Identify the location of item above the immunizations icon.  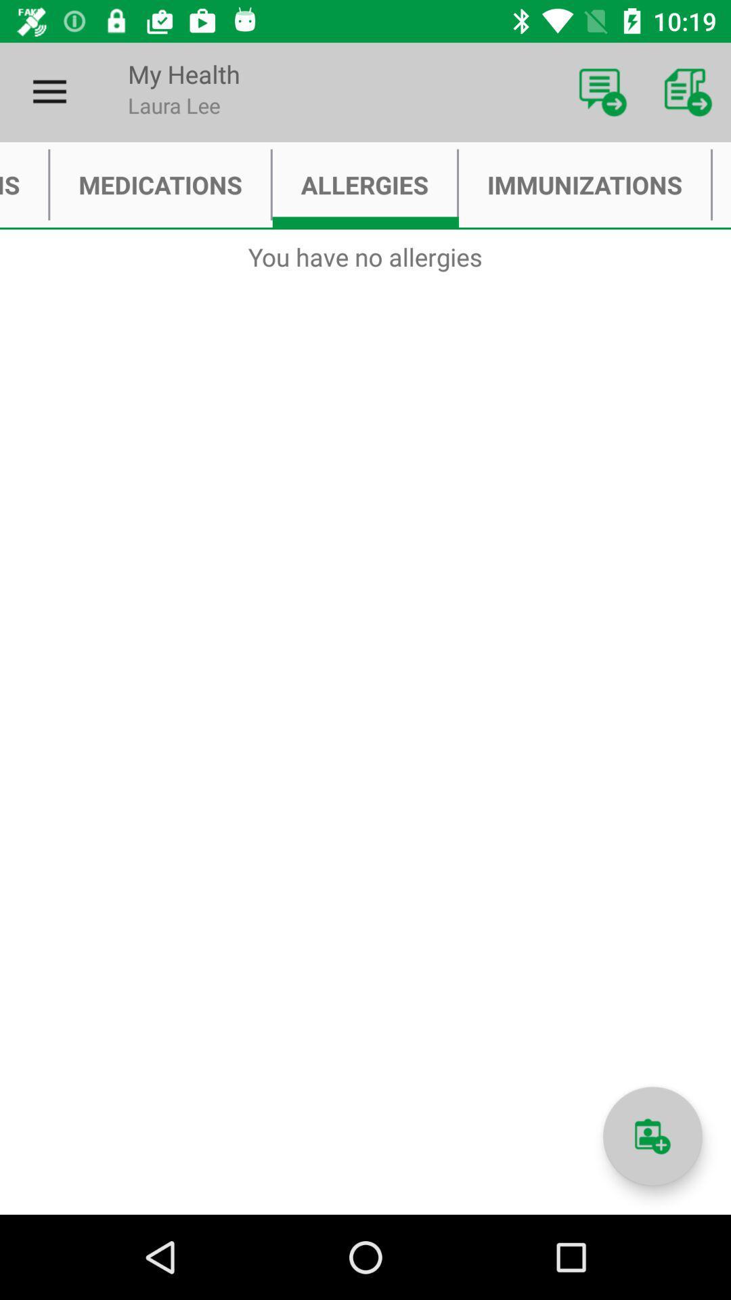
(602, 91).